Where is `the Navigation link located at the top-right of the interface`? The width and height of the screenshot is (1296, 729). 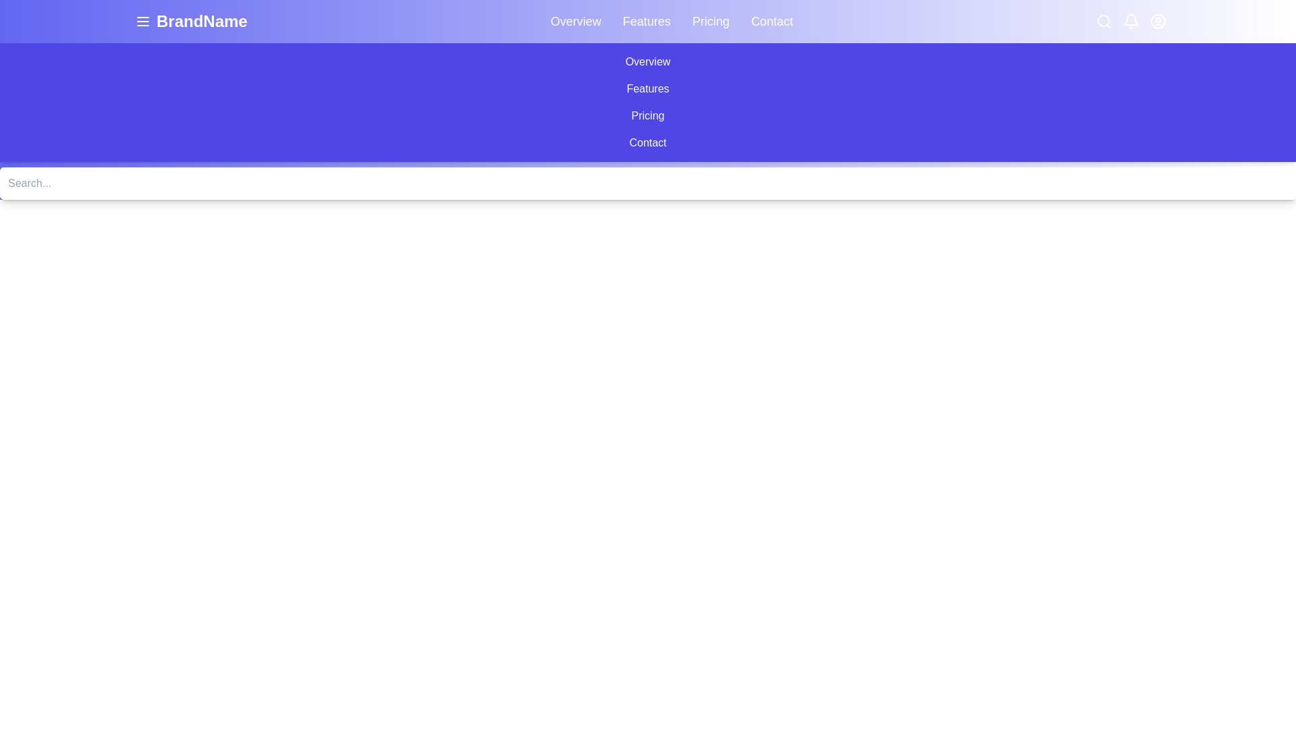 the Navigation link located at the top-right of the interface is located at coordinates (576, 21).